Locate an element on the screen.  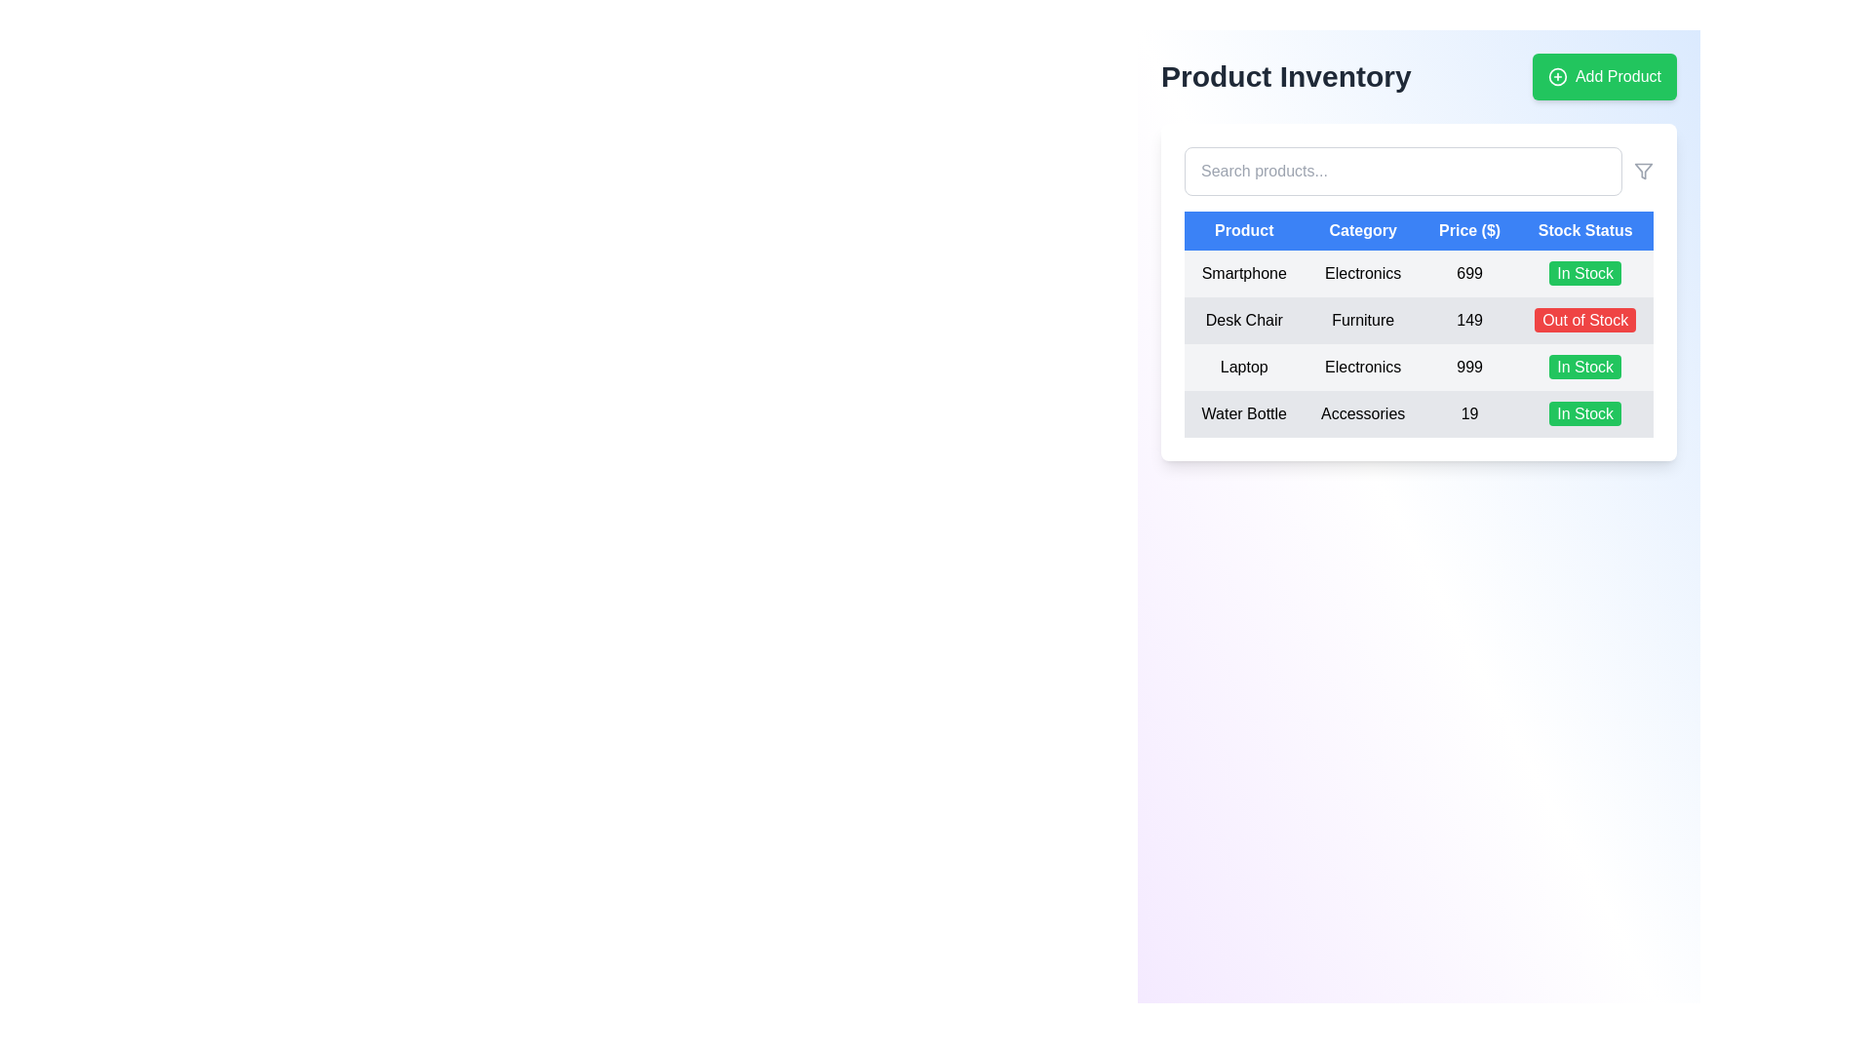
the circular green icon with a plus sign, located to the left of the 'Add Product' button in the header section is located at coordinates (1557, 75).